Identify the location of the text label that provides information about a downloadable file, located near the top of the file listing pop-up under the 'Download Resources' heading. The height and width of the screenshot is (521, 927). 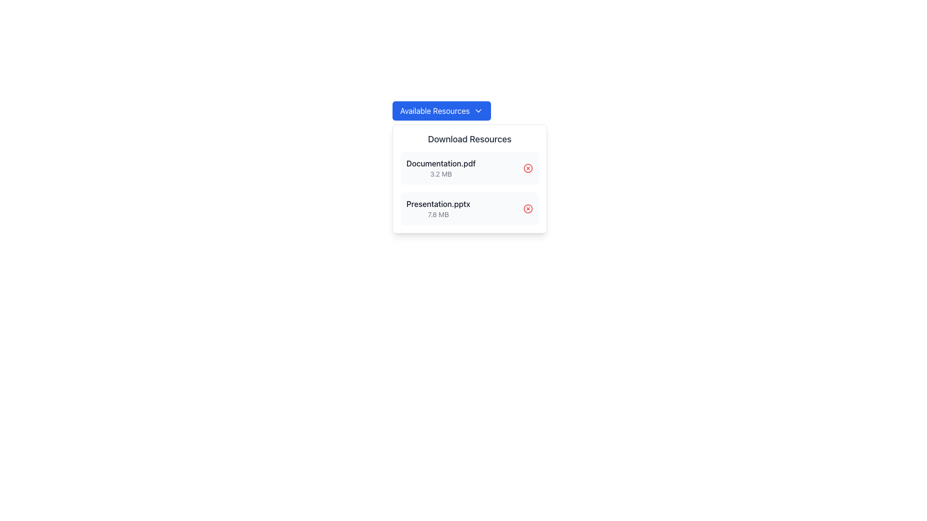
(440, 167).